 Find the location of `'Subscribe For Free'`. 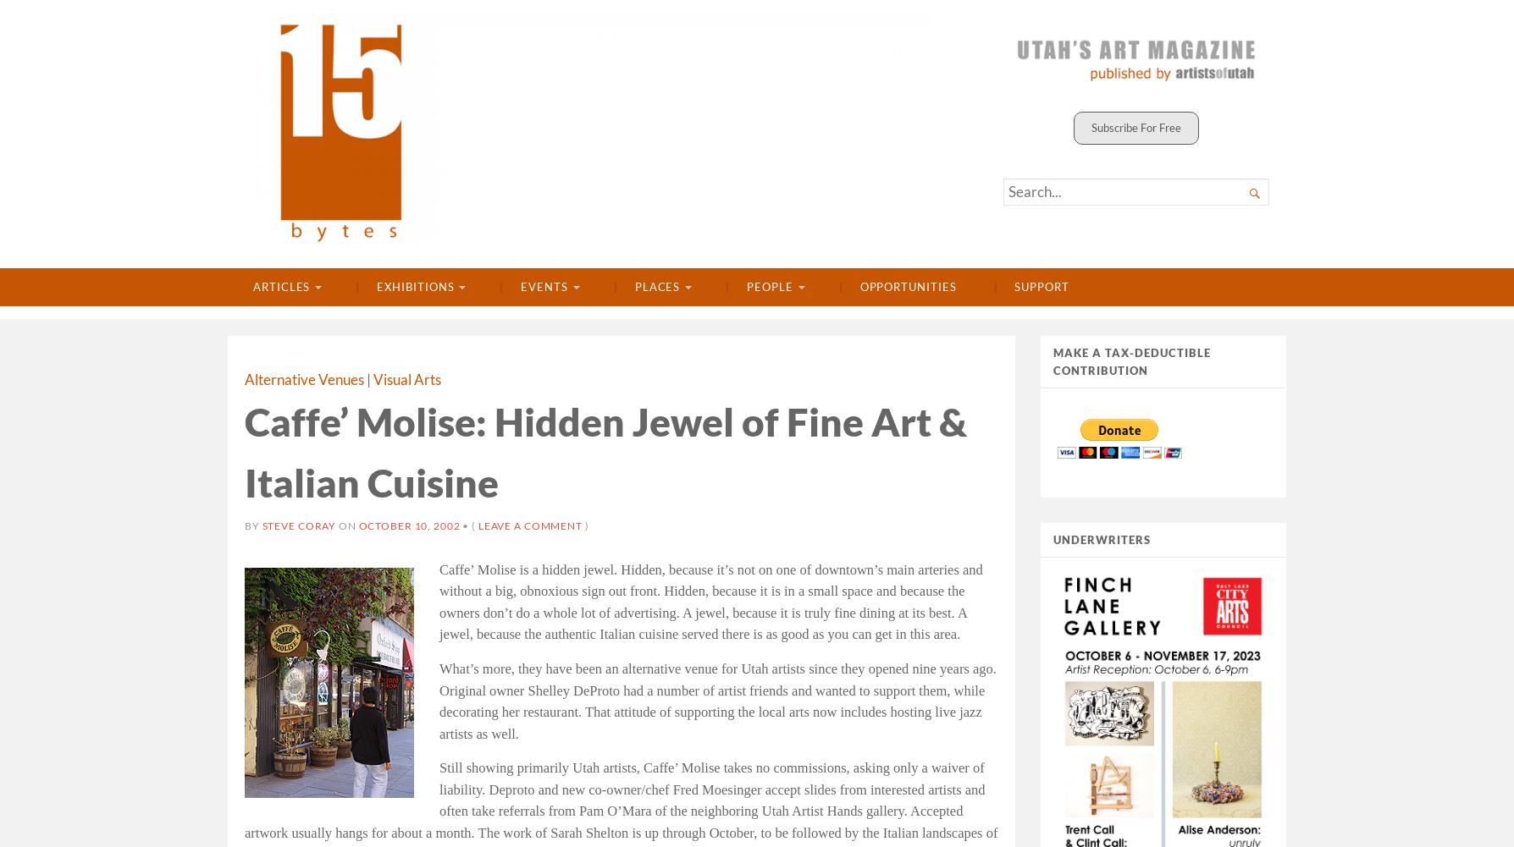

'Subscribe For Free' is located at coordinates (1136, 127).